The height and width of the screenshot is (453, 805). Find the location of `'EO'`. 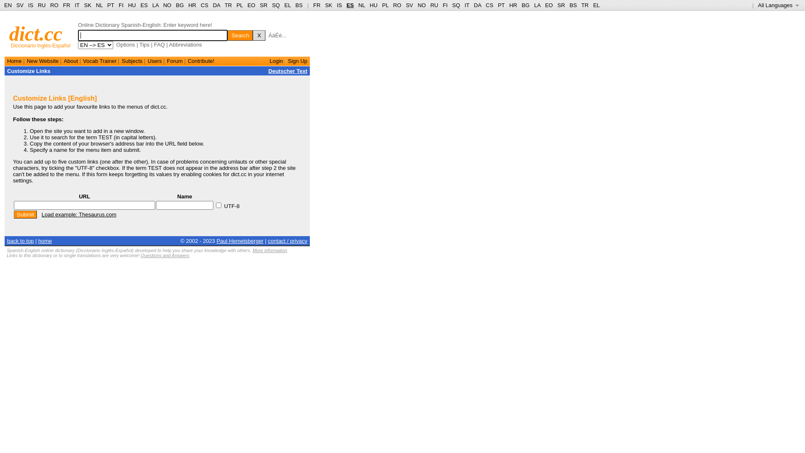

'EO' is located at coordinates (251, 5).